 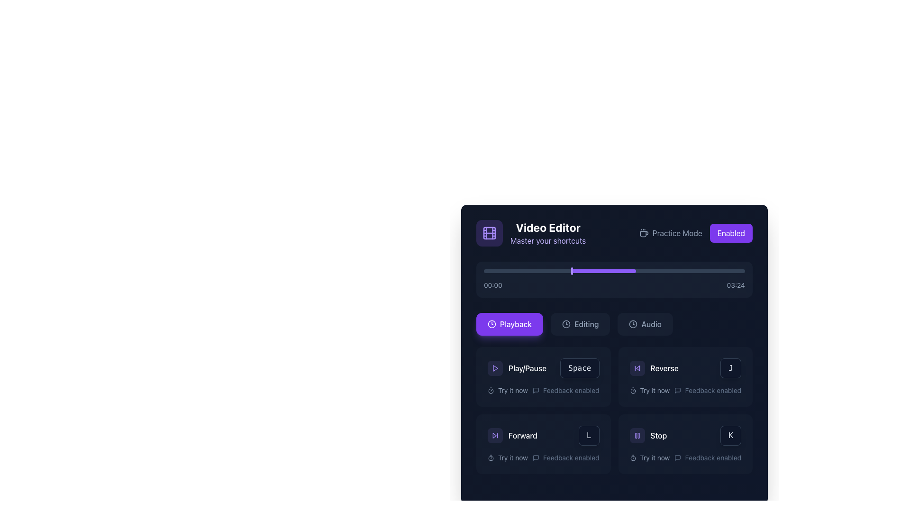 I want to click on the reverse control icon located in the 'Reverse' section of the interface, positioned to the left of the label 'Reverse', so click(x=637, y=367).